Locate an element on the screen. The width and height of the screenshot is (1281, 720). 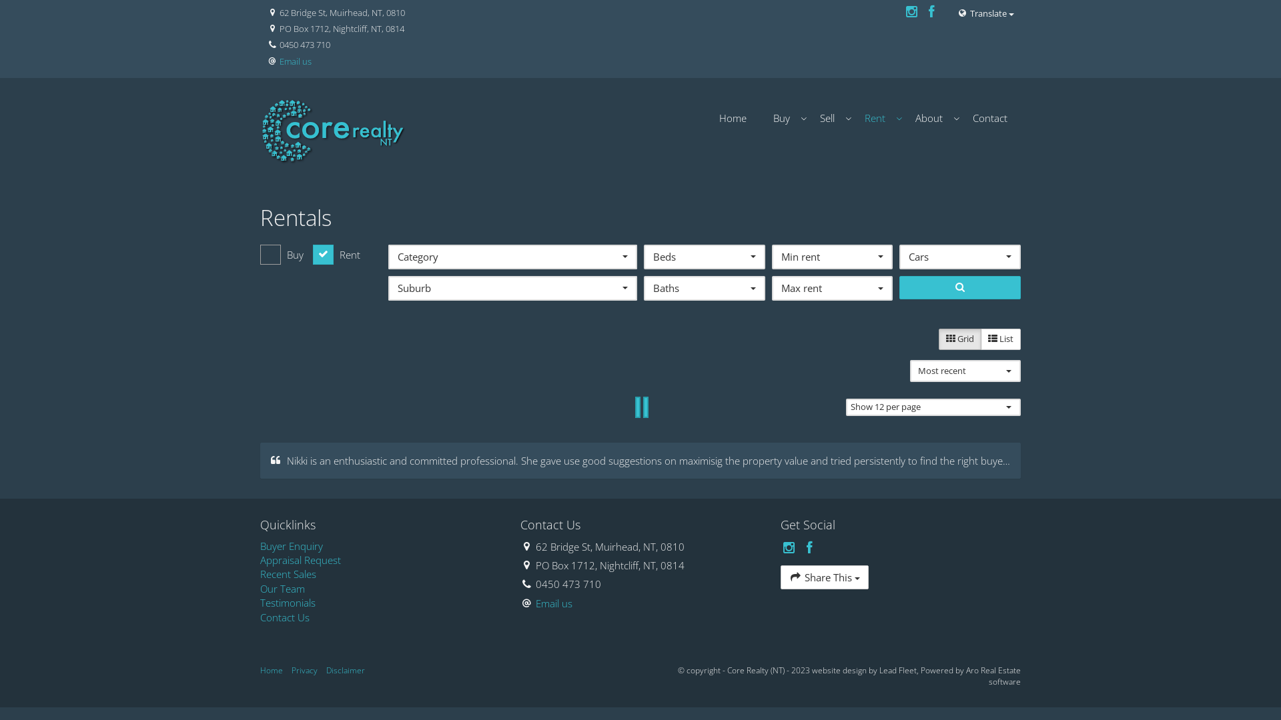
'Buy' is located at coordinates (281, 255).